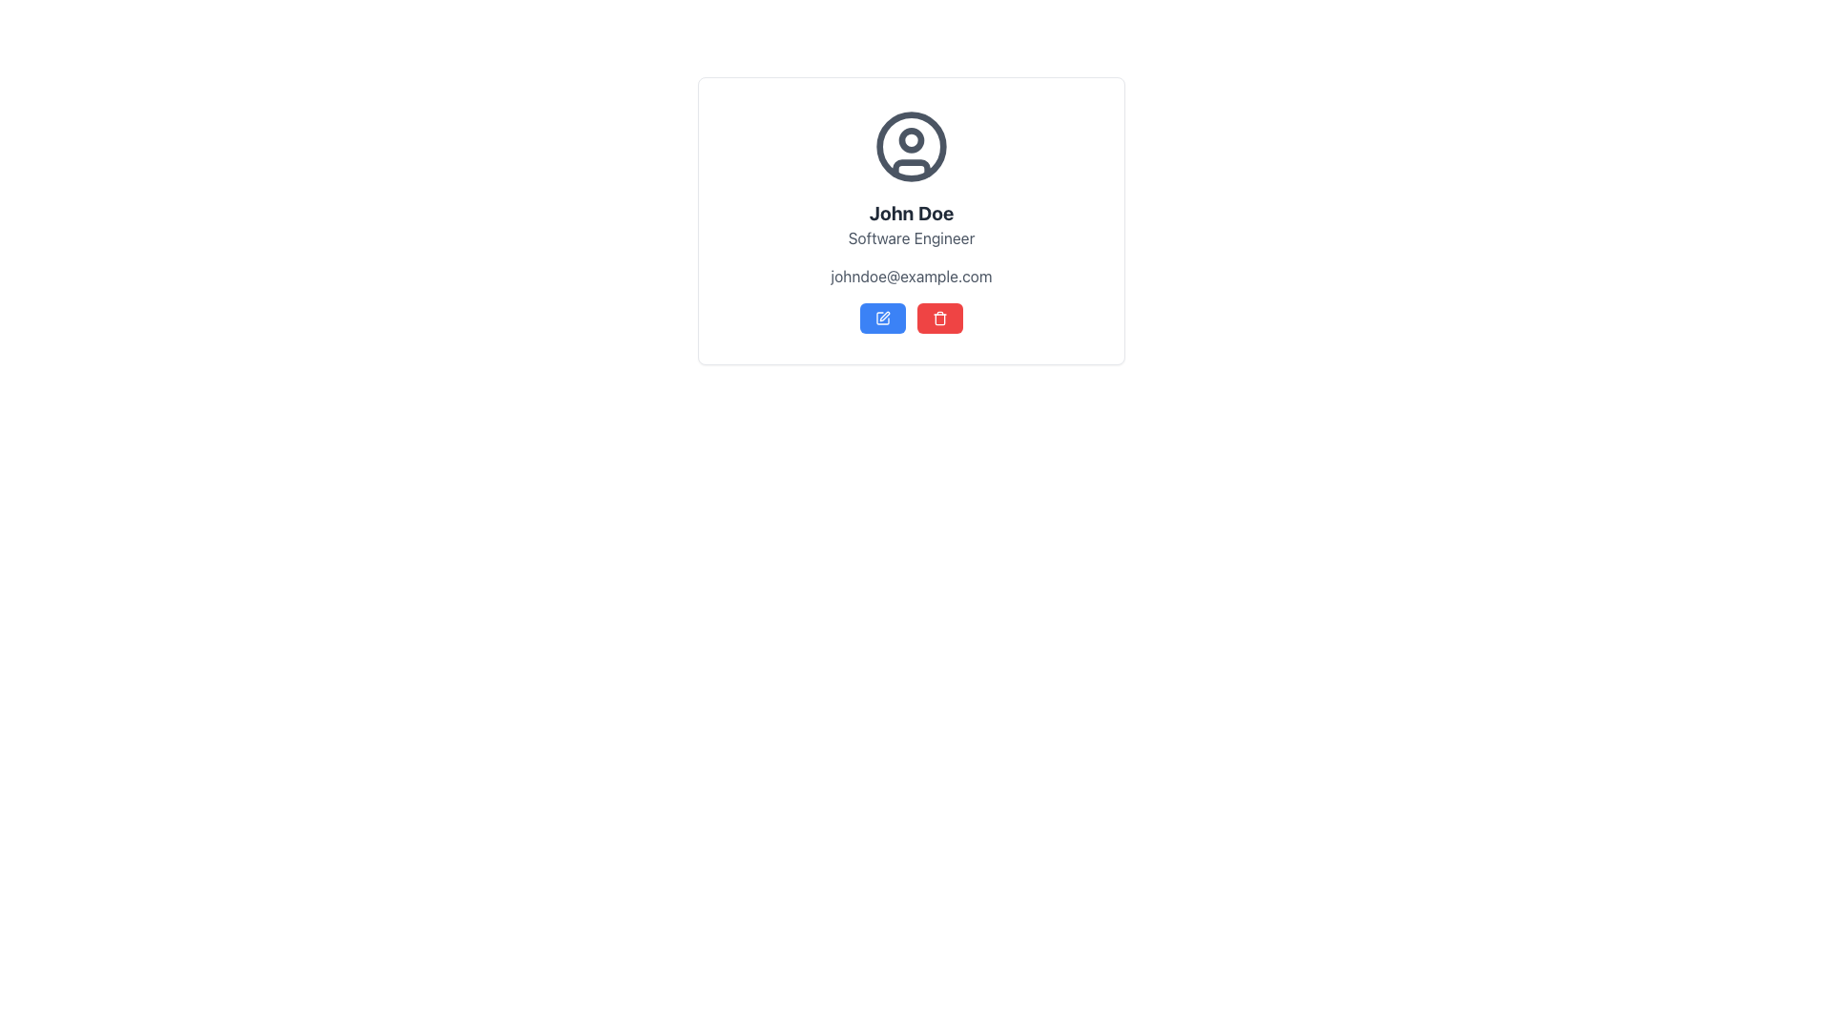 The height and width of the screenshot is (1030, 1831). Describe the element at coordinates (883, 315) in the screenshot. I see `the edit action icon located within the user profile card, positioned inside the blue button to initiate the edit action` at that location.